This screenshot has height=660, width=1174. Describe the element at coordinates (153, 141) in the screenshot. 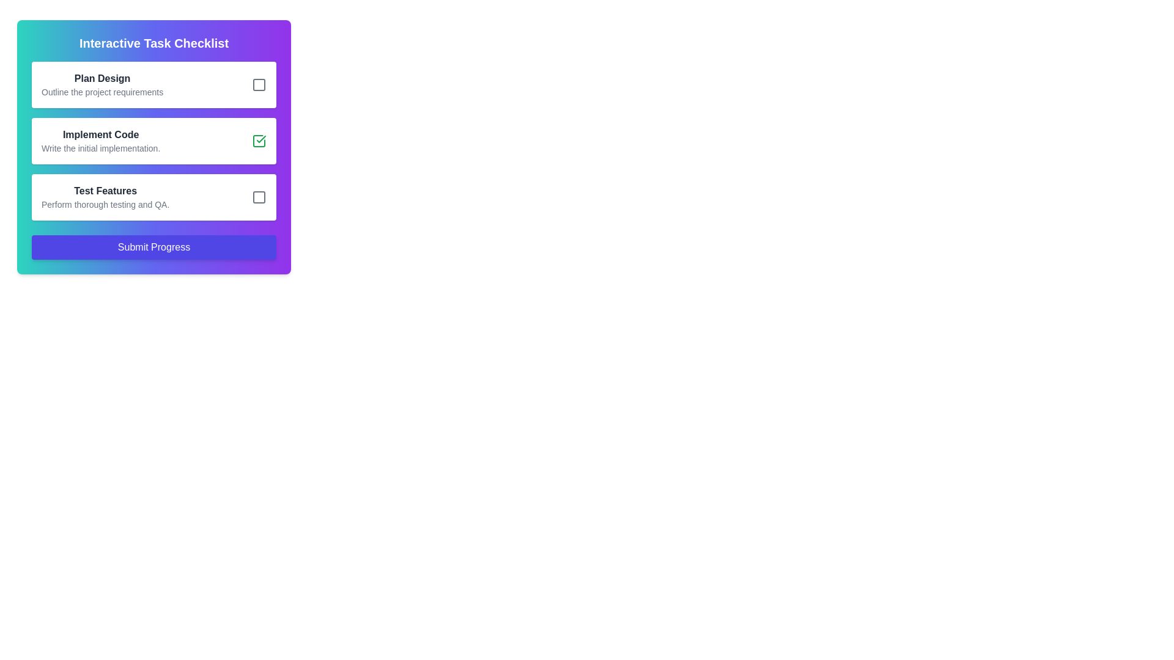

I see `the checklist item labeled 'Implement Code'` at that location.